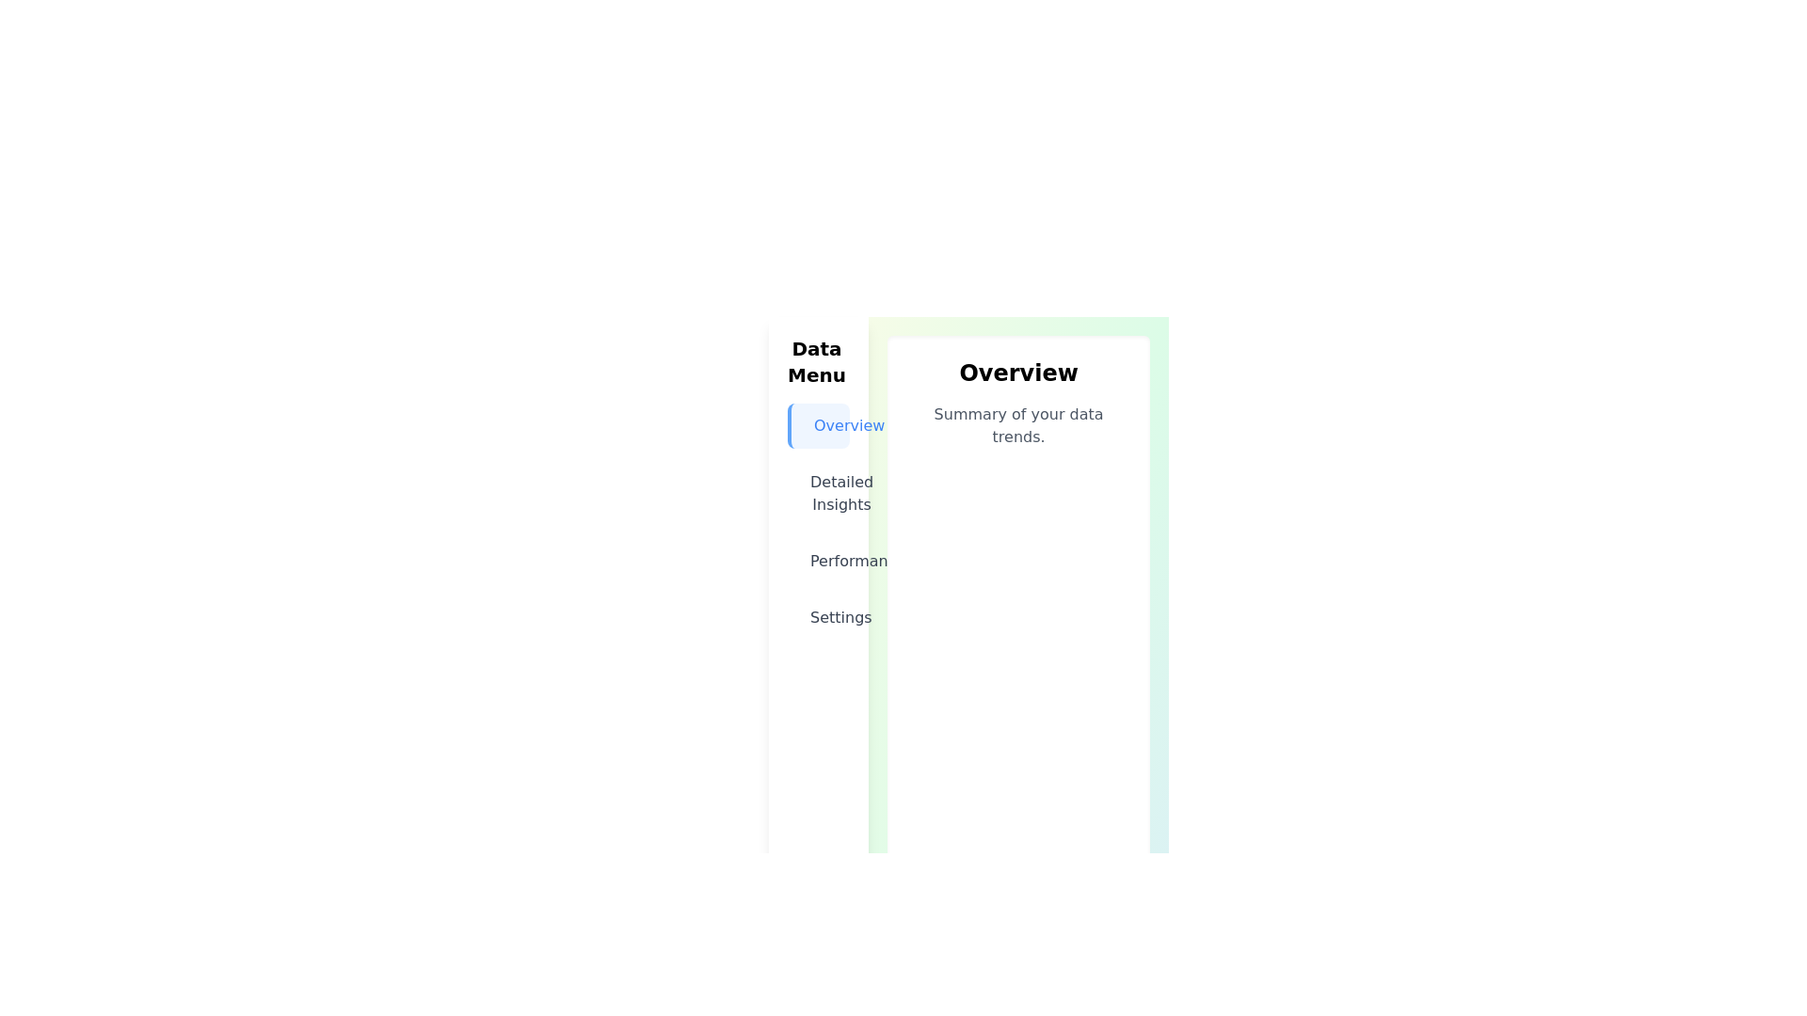 The height and width of the screenshot is (1016, 1807). What do you see at coordinates (819, 492) in the screenshot?
I see `the menu item labeled Detailed Insights` at bounding box center [819, 492].